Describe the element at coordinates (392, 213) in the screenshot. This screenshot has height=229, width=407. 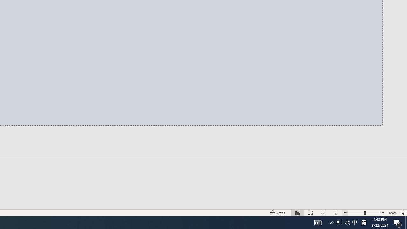
I see `'Zoom 120%'` at that location.